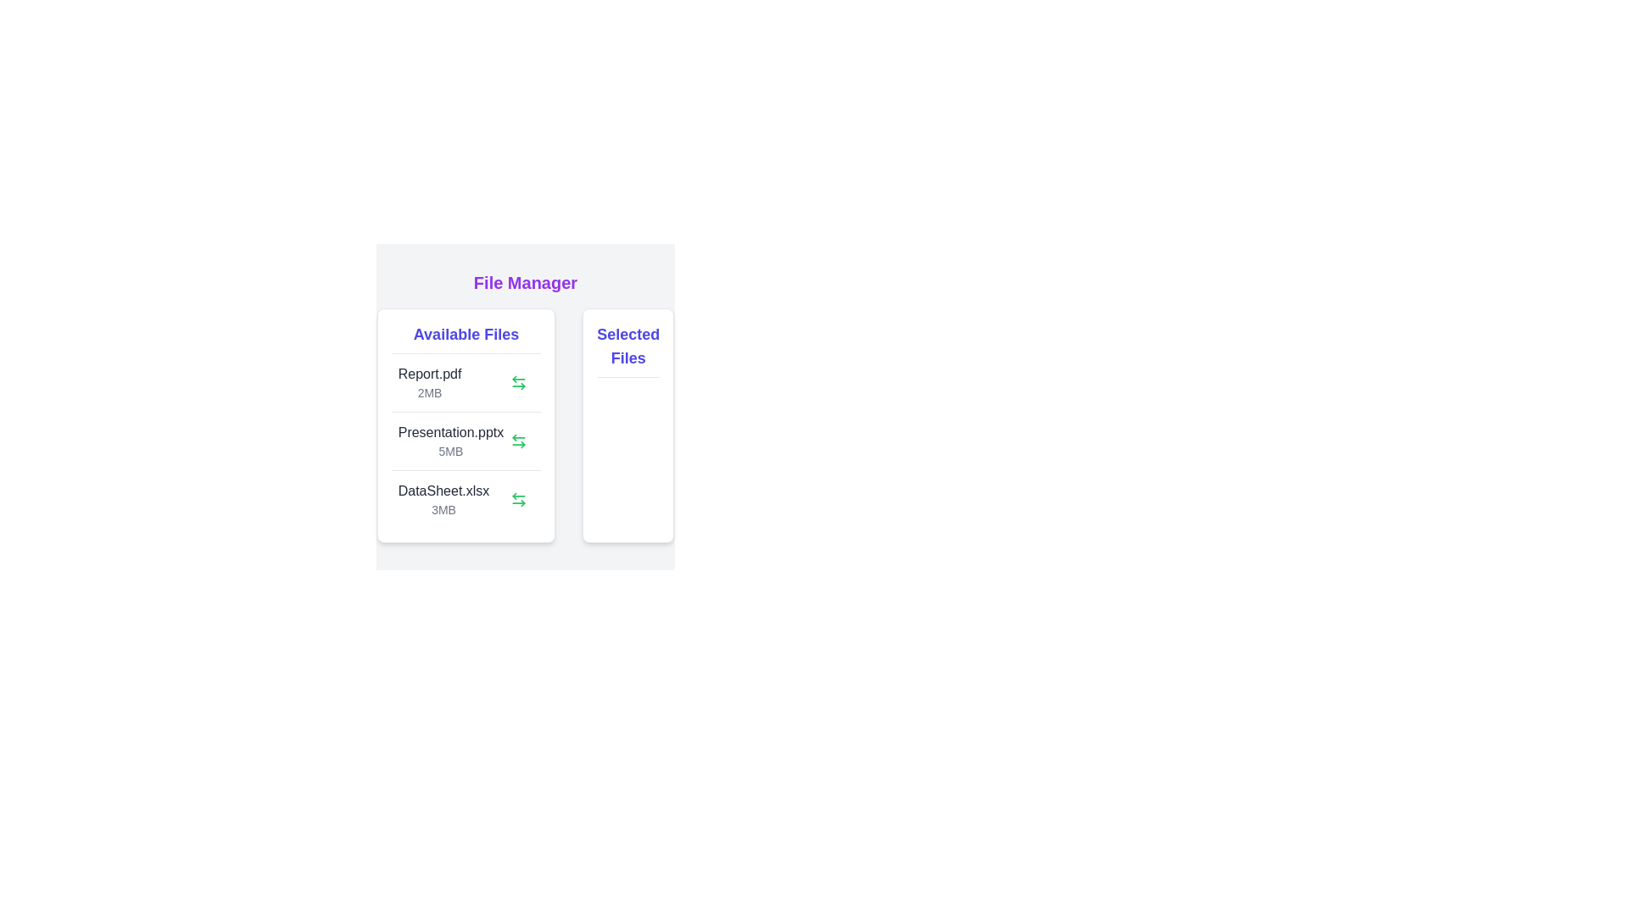  Describe the element at coordinates (443, 499) in the screenshot. I see `the 'DataSheet.xlsx' file entry` at that location.